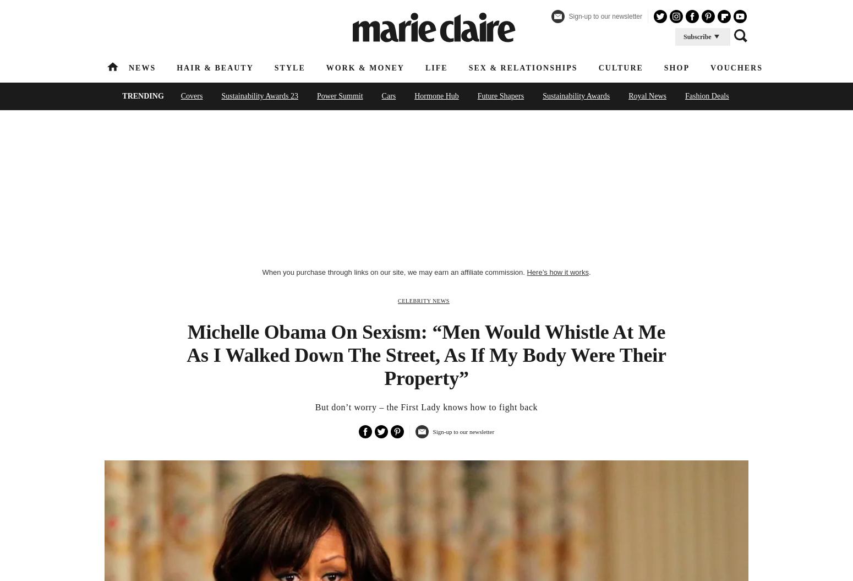 The width and height of the screenshot is (853, 581). I want to click on '.', so click(588, 272).